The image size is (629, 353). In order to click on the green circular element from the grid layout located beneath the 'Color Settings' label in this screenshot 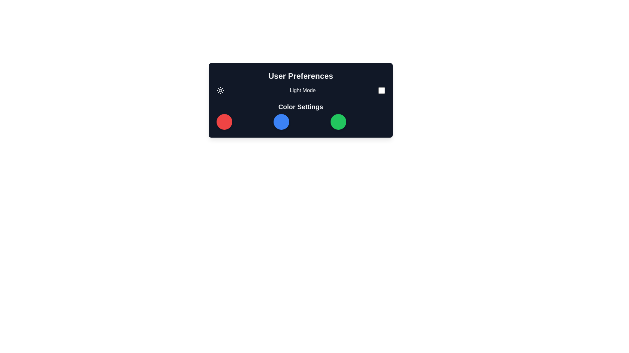, I will do `click(300, 122)`.